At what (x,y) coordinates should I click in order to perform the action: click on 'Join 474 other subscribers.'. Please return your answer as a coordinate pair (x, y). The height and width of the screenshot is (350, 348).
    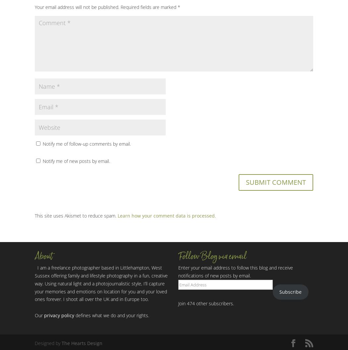
    Looking at the image, I should click on (205, 303).